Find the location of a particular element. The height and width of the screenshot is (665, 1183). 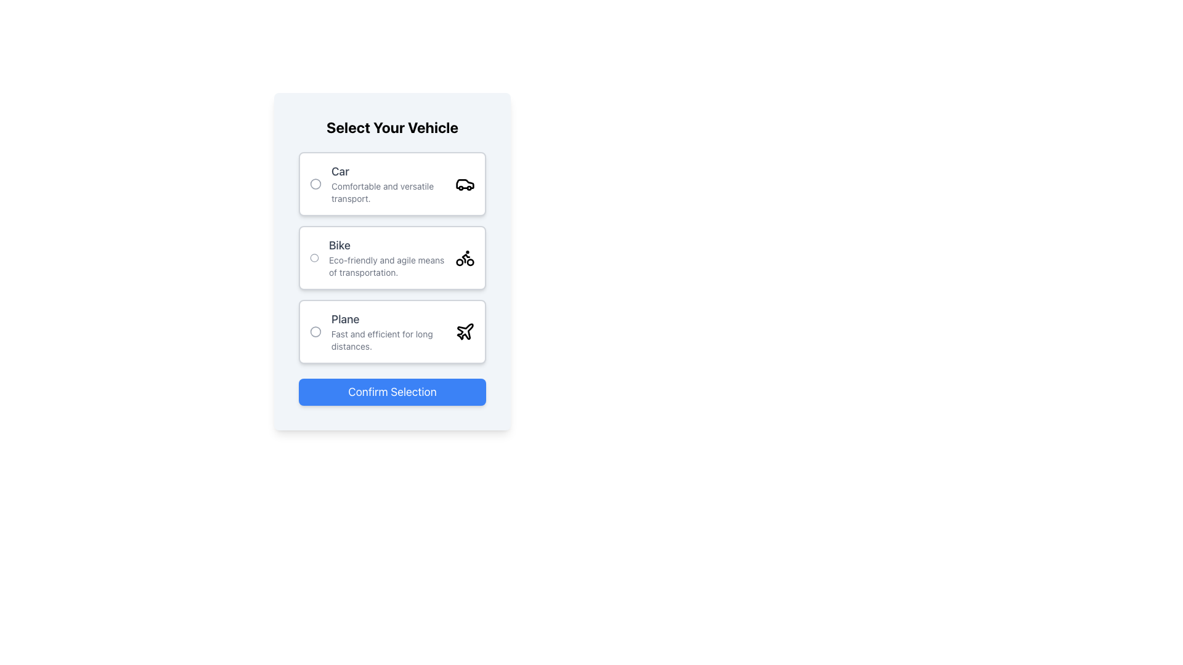

the 'Bike' option icon located on the right side of its option card in the 'Select Your Vehicle' section, which visually represents an eco-friendly and agile means of transportation is located at coordinates (464, 257).